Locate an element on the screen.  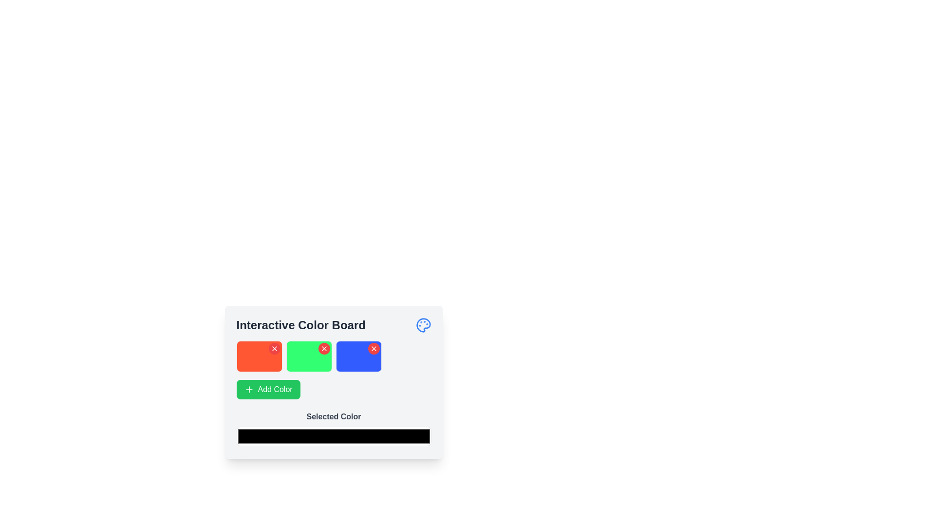
the delete button located in the top-right corner of the blue color block is located at coordinates (373, 348).